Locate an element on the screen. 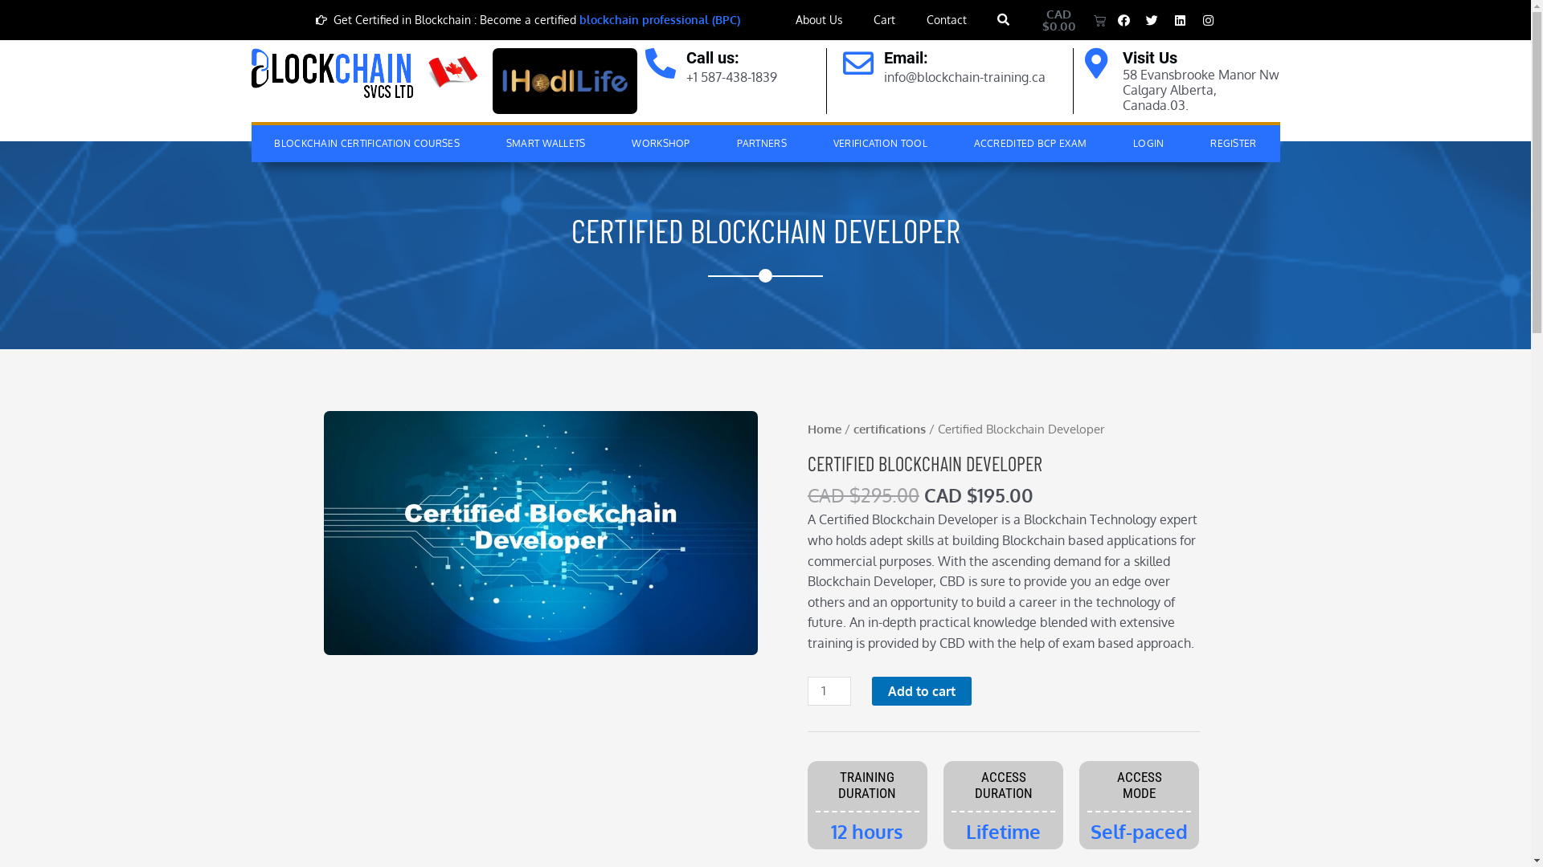  'certifications' is located at coordinates (889, 427).